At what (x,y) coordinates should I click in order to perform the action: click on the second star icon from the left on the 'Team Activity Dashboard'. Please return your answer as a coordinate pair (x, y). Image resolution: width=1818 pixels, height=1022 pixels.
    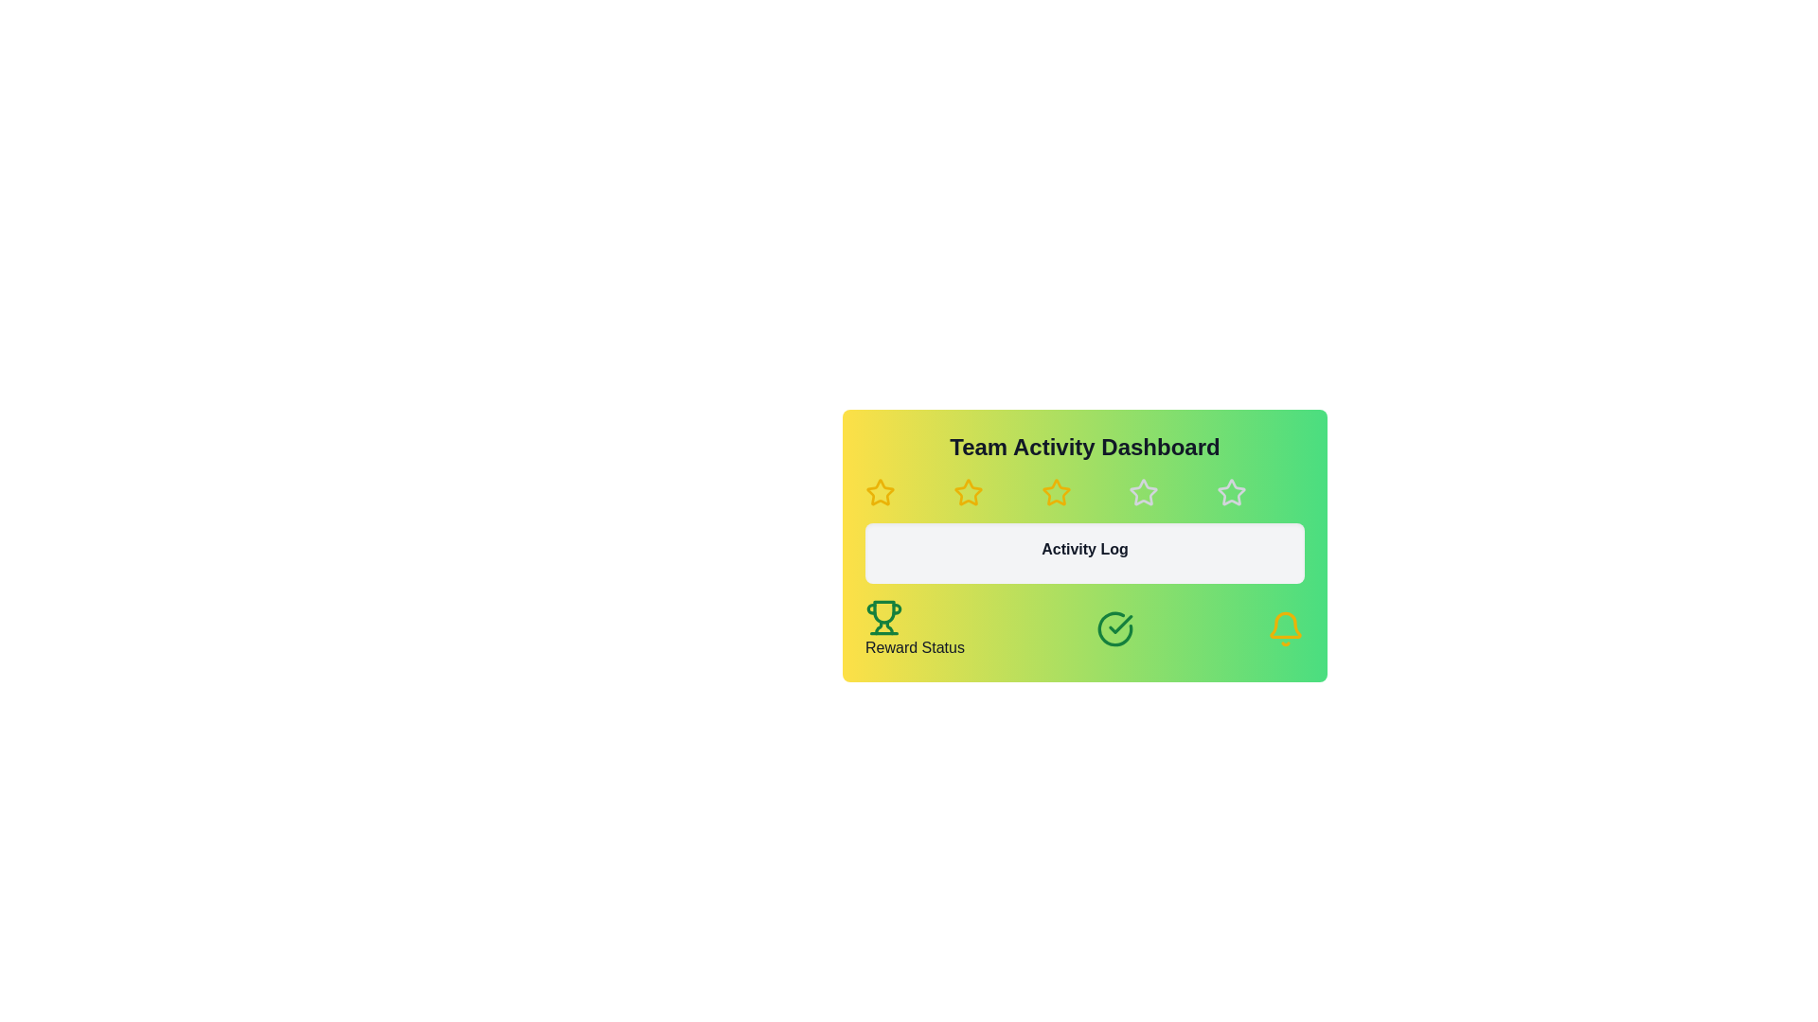
    Looking at the image, I should click on (968, 491).